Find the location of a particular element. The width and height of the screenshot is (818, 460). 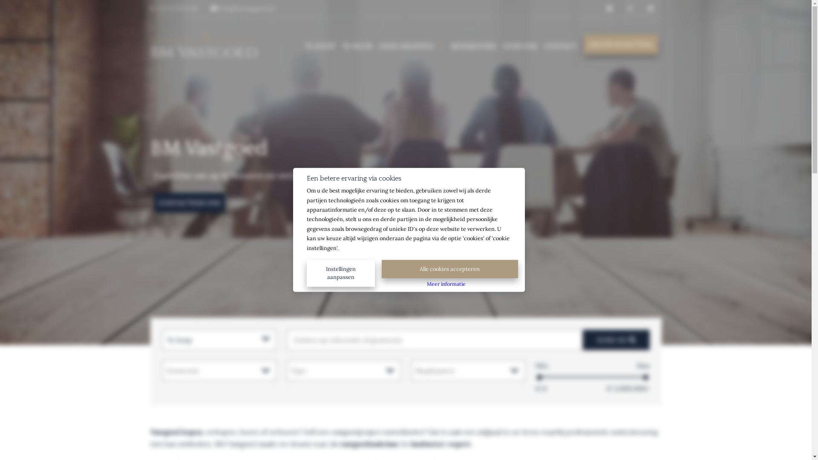

' info@bmvastgoed.be' is located at coordinates (242, 8).